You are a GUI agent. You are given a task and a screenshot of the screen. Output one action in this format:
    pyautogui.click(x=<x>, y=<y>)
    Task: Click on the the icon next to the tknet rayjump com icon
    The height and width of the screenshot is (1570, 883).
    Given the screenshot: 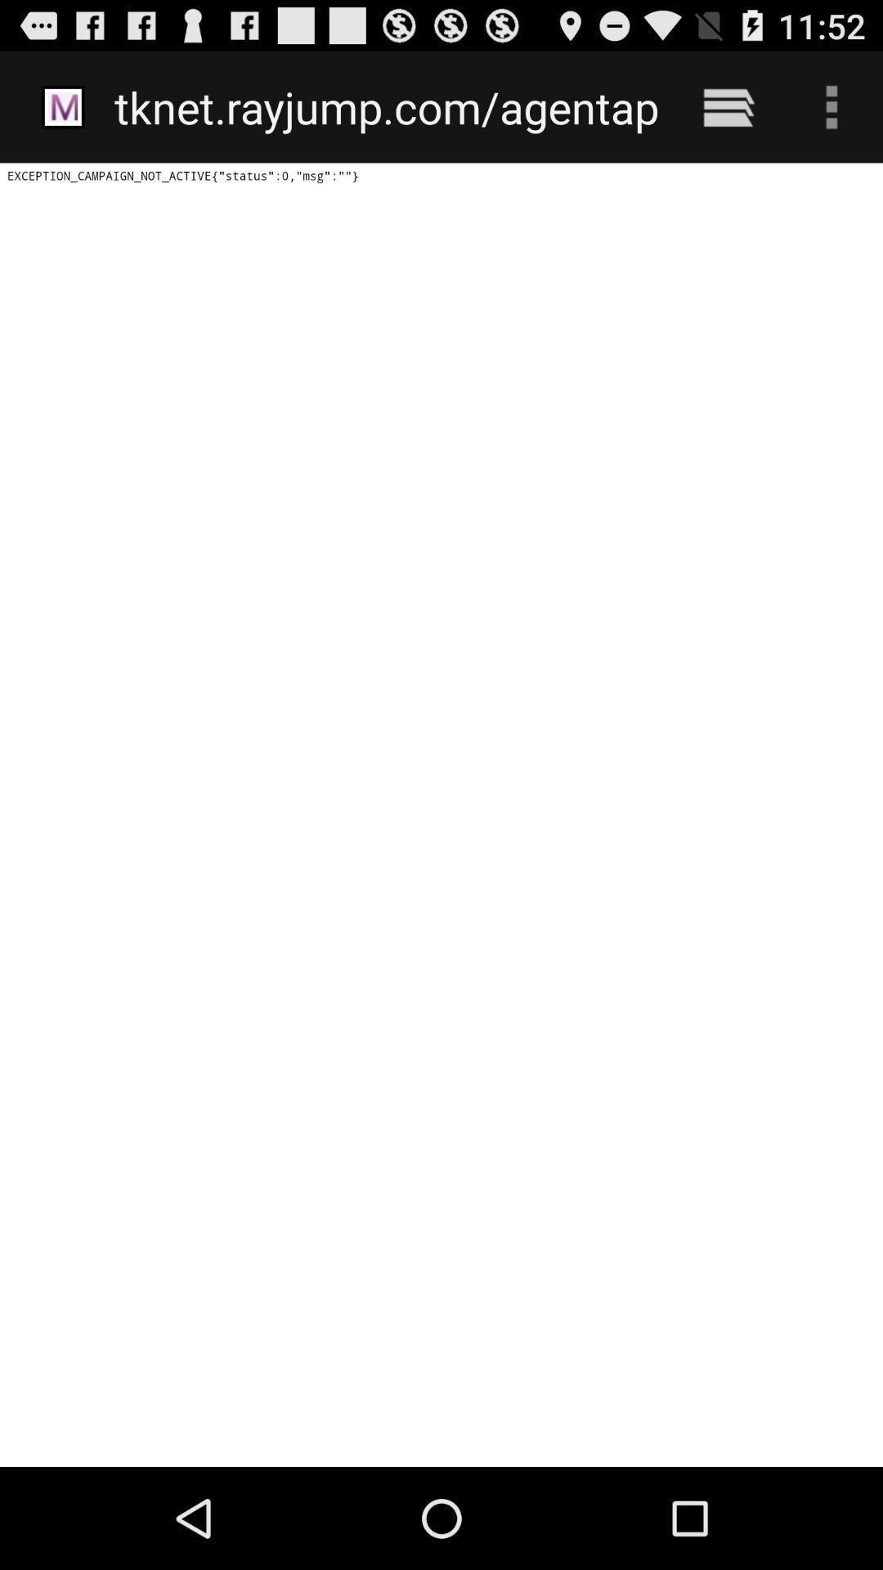 What is the action you would take?
    pyautogui.click(x=728, y=106)
    